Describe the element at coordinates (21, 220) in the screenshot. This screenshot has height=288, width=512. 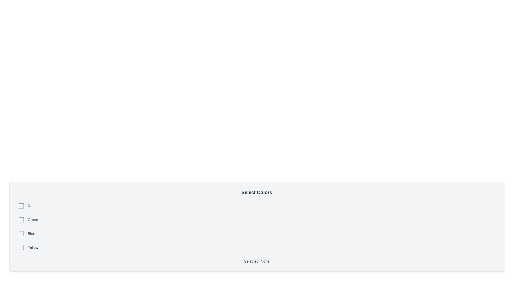
I see `the checkbox for the color 'Green'` at that location.